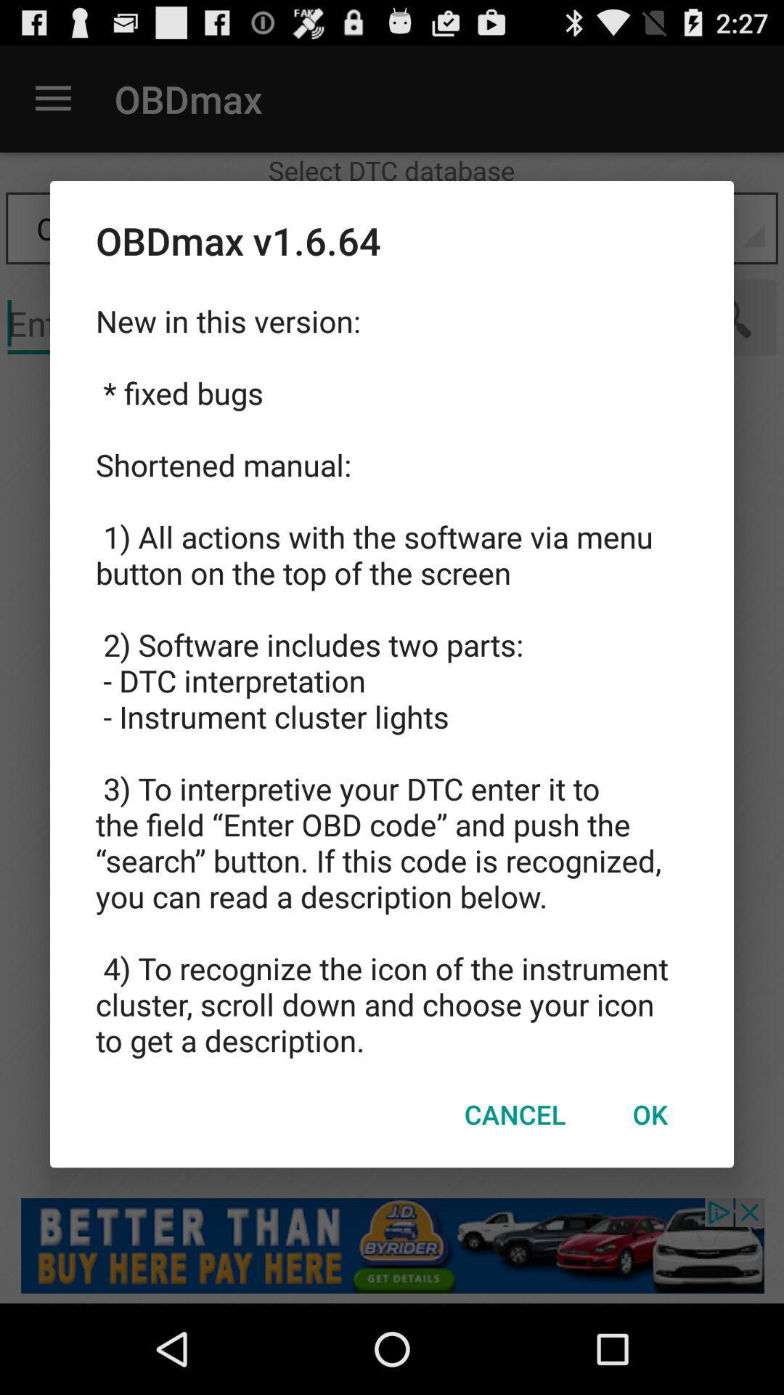 The image size is (784, 1395). Describe the element at coordinates (514, 1113) in the screenshot. I see `cancel item` at that location.